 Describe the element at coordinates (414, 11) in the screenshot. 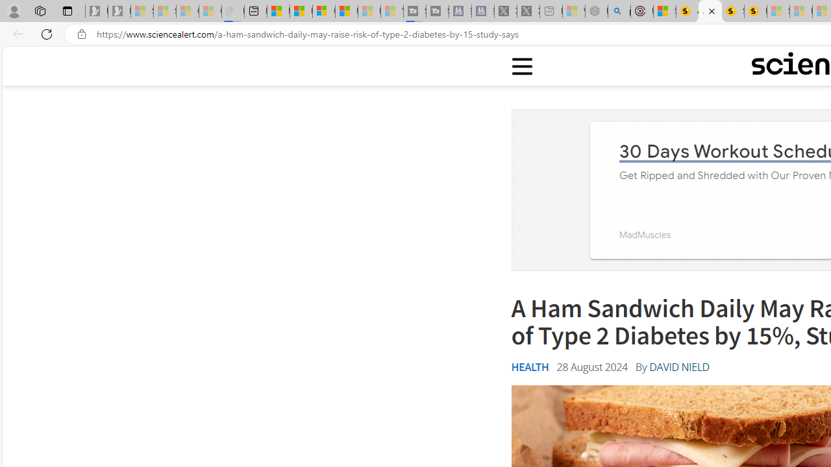

I see `'Streaming Coverage | T3 - Sleeping'` at that location.